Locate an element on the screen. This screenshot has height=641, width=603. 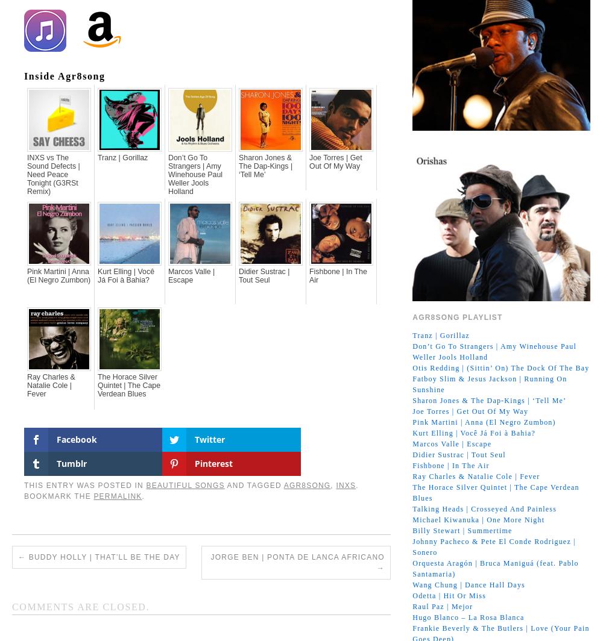
'Wang Chung | Dance Hall Days' is located at coordinates (469, 584).